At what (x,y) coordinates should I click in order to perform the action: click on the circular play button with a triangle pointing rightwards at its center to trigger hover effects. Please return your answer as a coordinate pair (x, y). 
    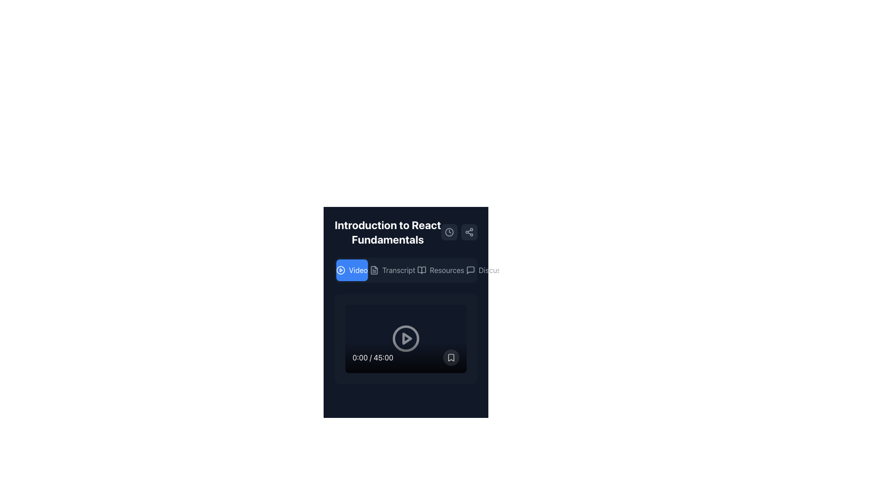
    Looking at the image, I should click on (406, 339).